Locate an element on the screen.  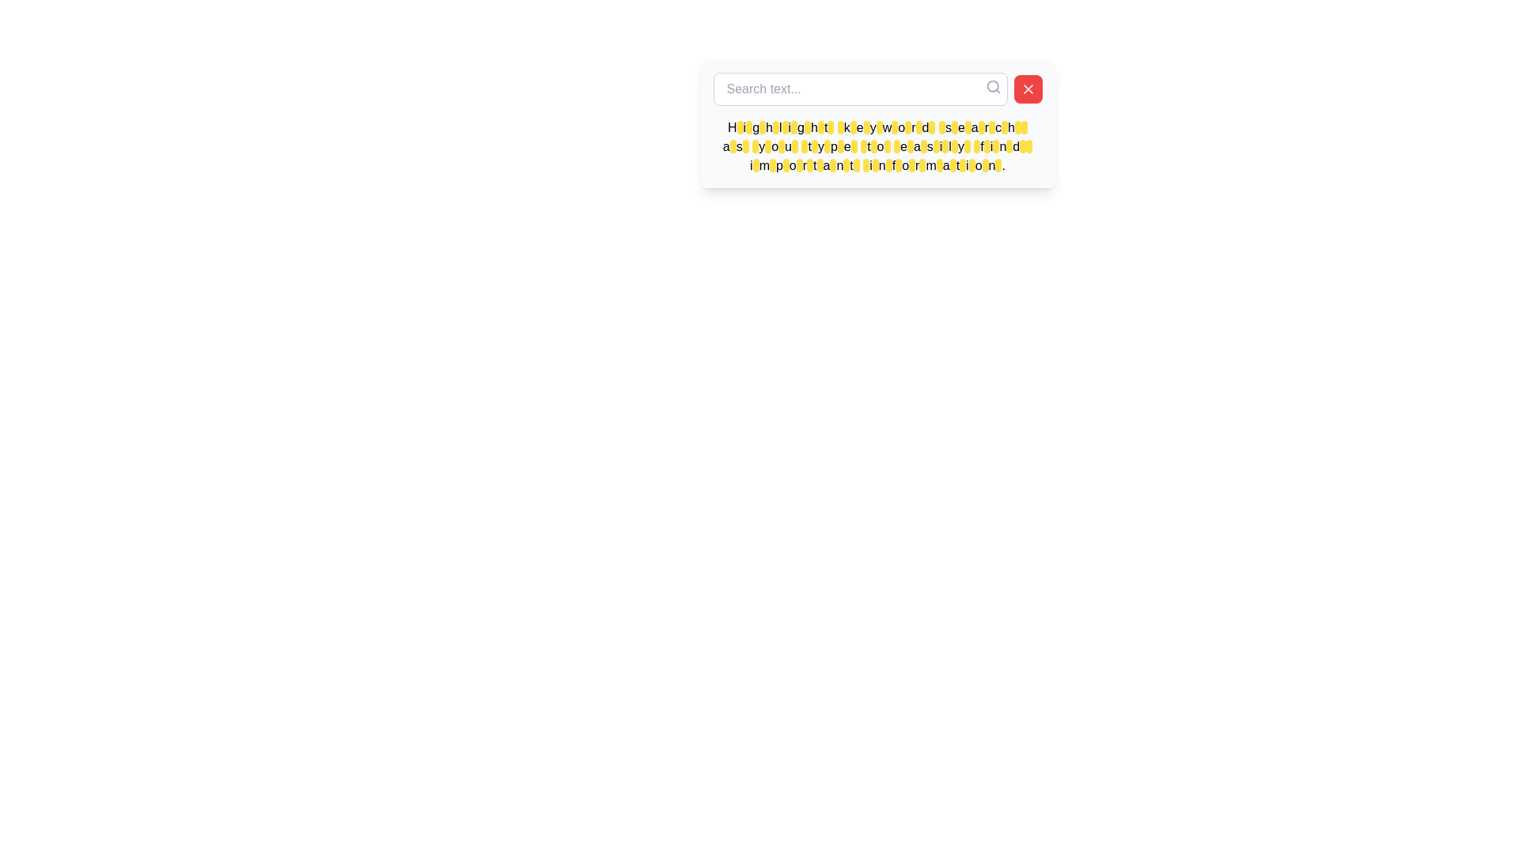
the 39th occurrence of the small, rounded yellow highlight marker located within the explanation text below the search bar is located at coordinates (984, 165).